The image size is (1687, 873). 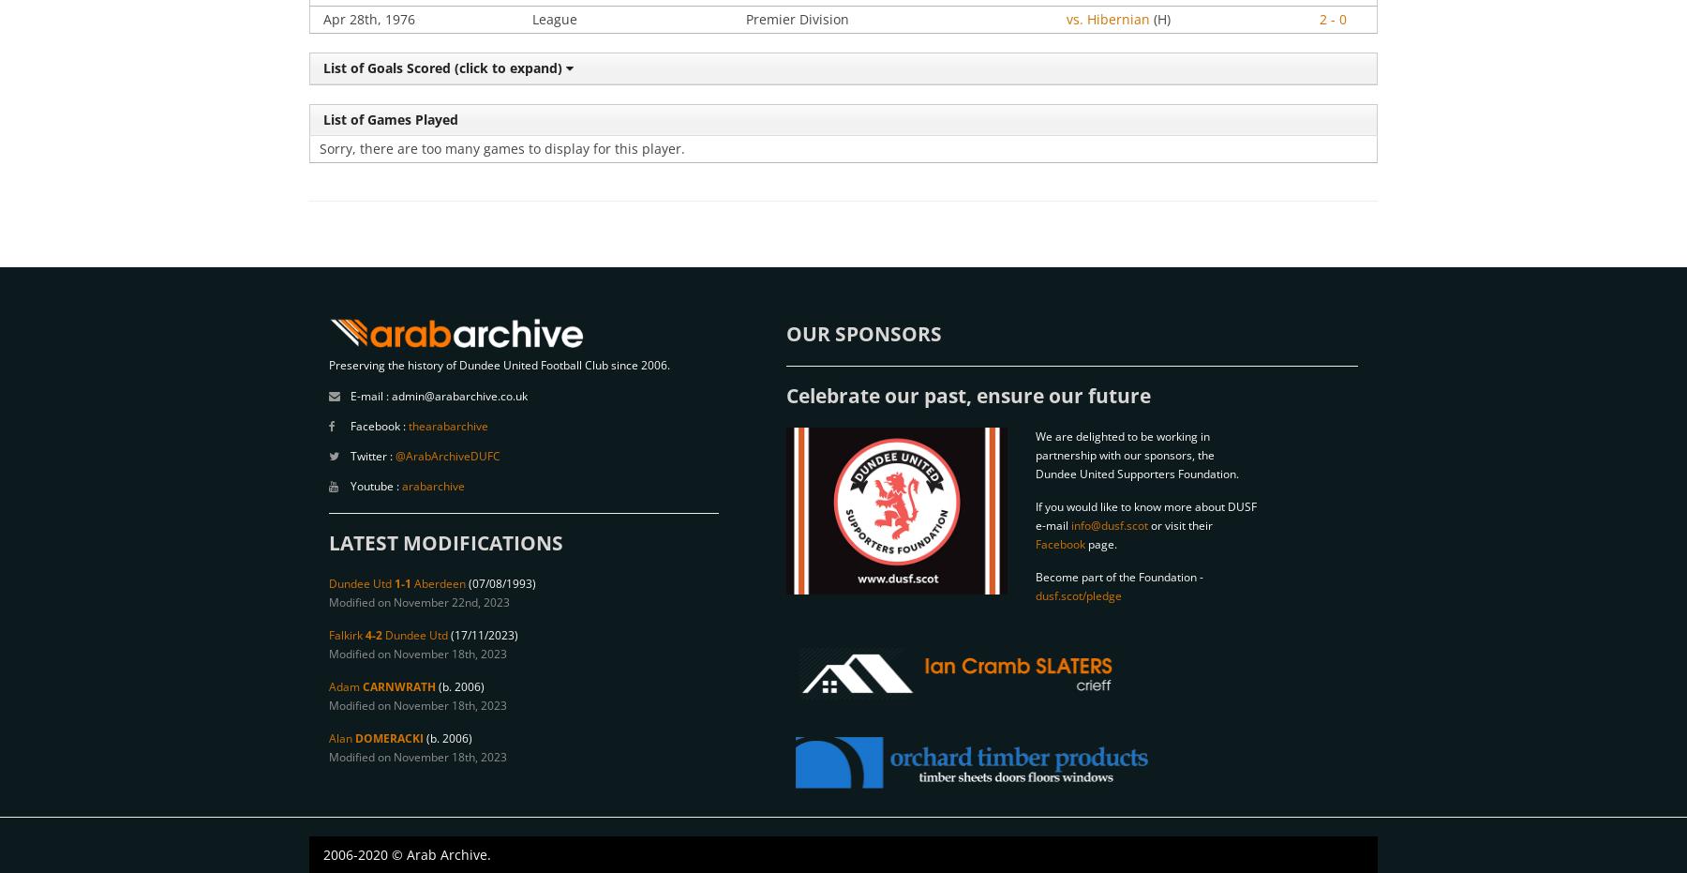 I want to click on 'Alan', so click(x=342, y=738).